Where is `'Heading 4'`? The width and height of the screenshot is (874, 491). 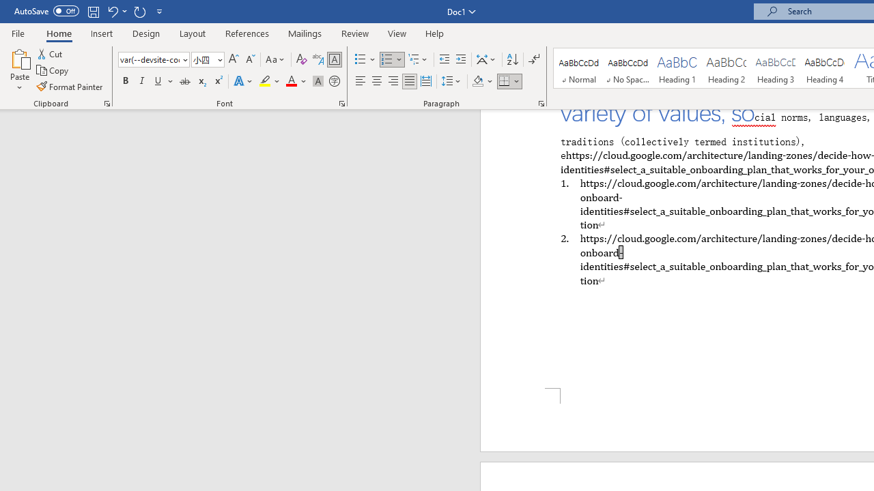
'Heading 4' is located at coordinates (824, 68).